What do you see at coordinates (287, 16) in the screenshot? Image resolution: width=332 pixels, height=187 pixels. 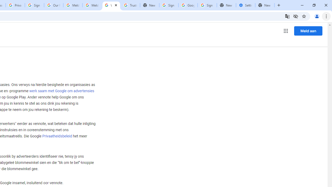 I see `'Translate this page'` at bounding box center [287, 16].